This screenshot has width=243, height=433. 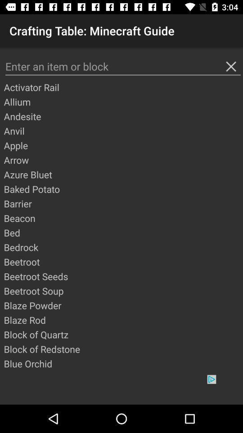 What do you see at coordinates (122, 290) in the screenshot?
I see `the item below the beetroot seeds` at bounding box center [122, 290].